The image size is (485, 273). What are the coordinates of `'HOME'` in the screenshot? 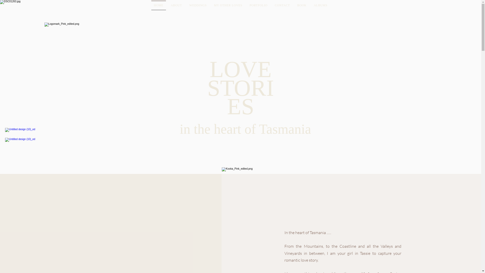 It's located at (158, 5).